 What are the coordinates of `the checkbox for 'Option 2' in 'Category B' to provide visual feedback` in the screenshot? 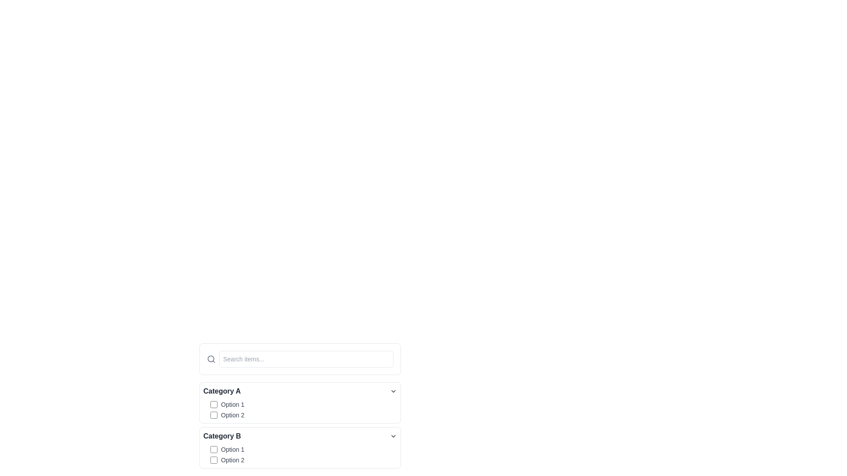 It's located at (214, 460).